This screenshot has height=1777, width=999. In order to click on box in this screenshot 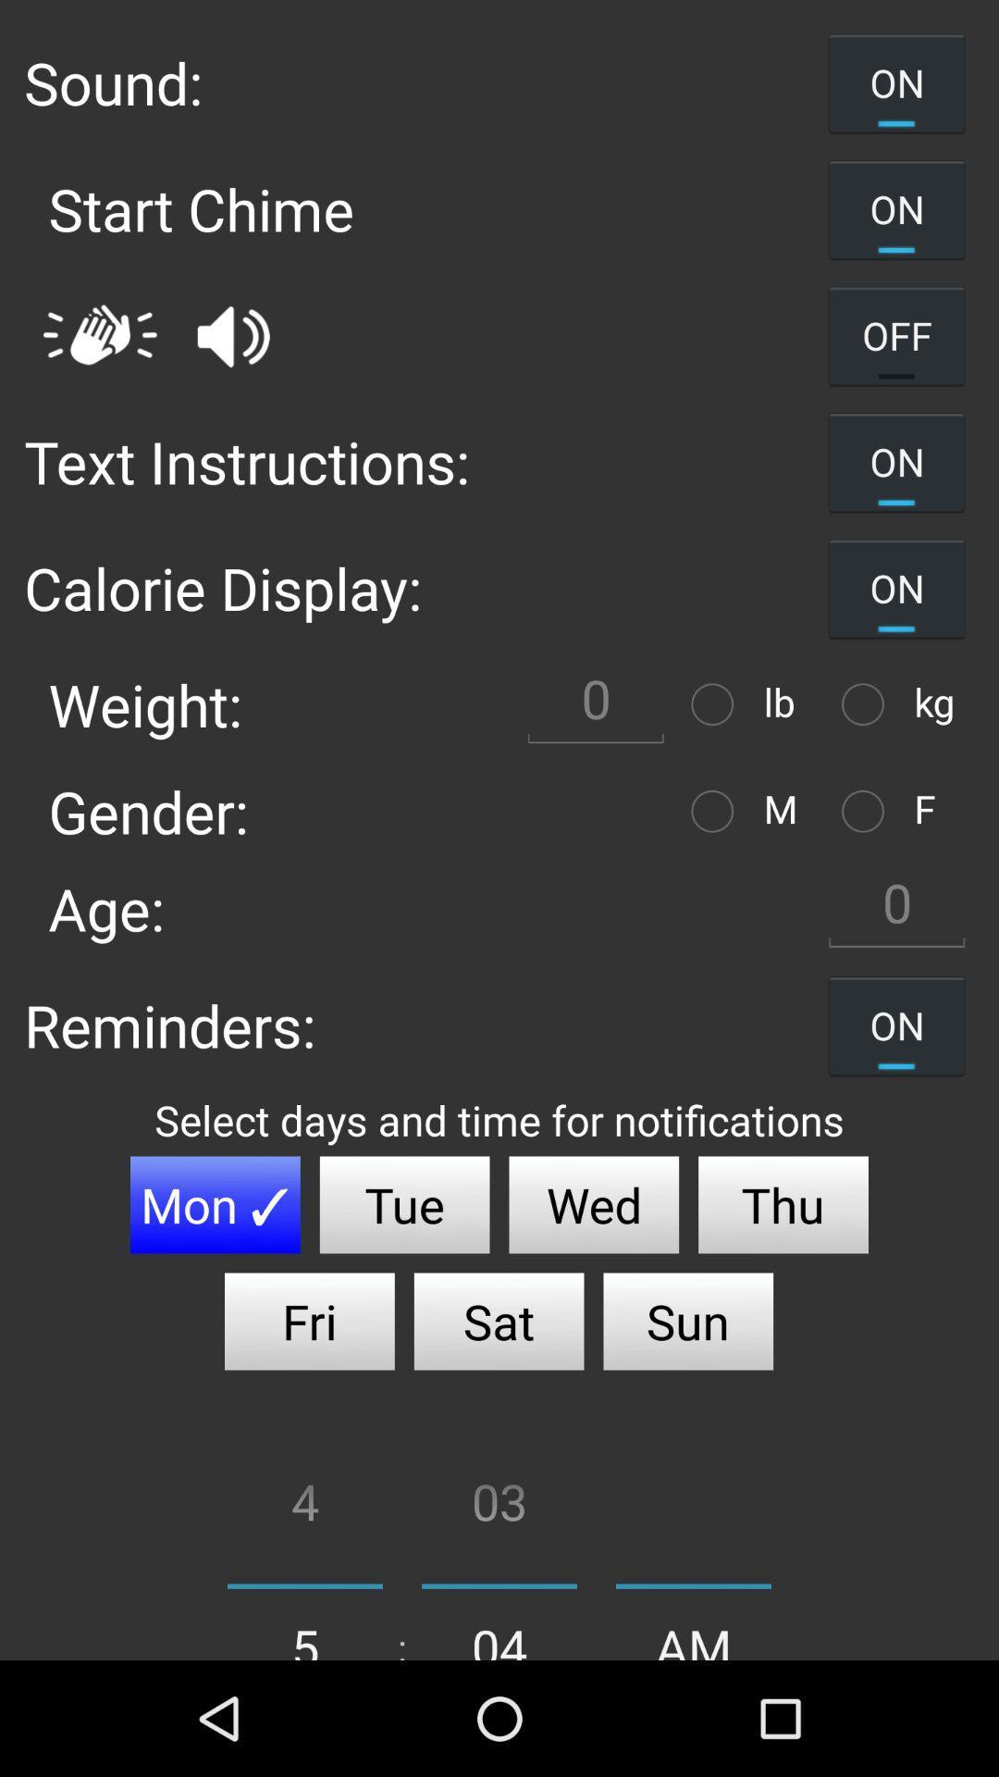, I will do `click(596, 703)`.